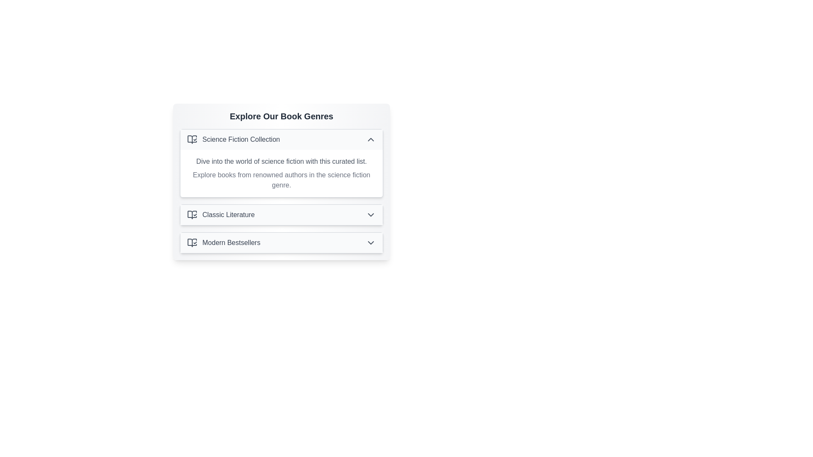 The image size is (813, 457). What do you see at coordinates (282, 179) in the screenshot?
I see `the static text element displaying 'Explore books from renowned authors in the science fiction genre.' located below the text 'Dive into the world of science fiction with this curated list.'` at bounding box center [282, 179].